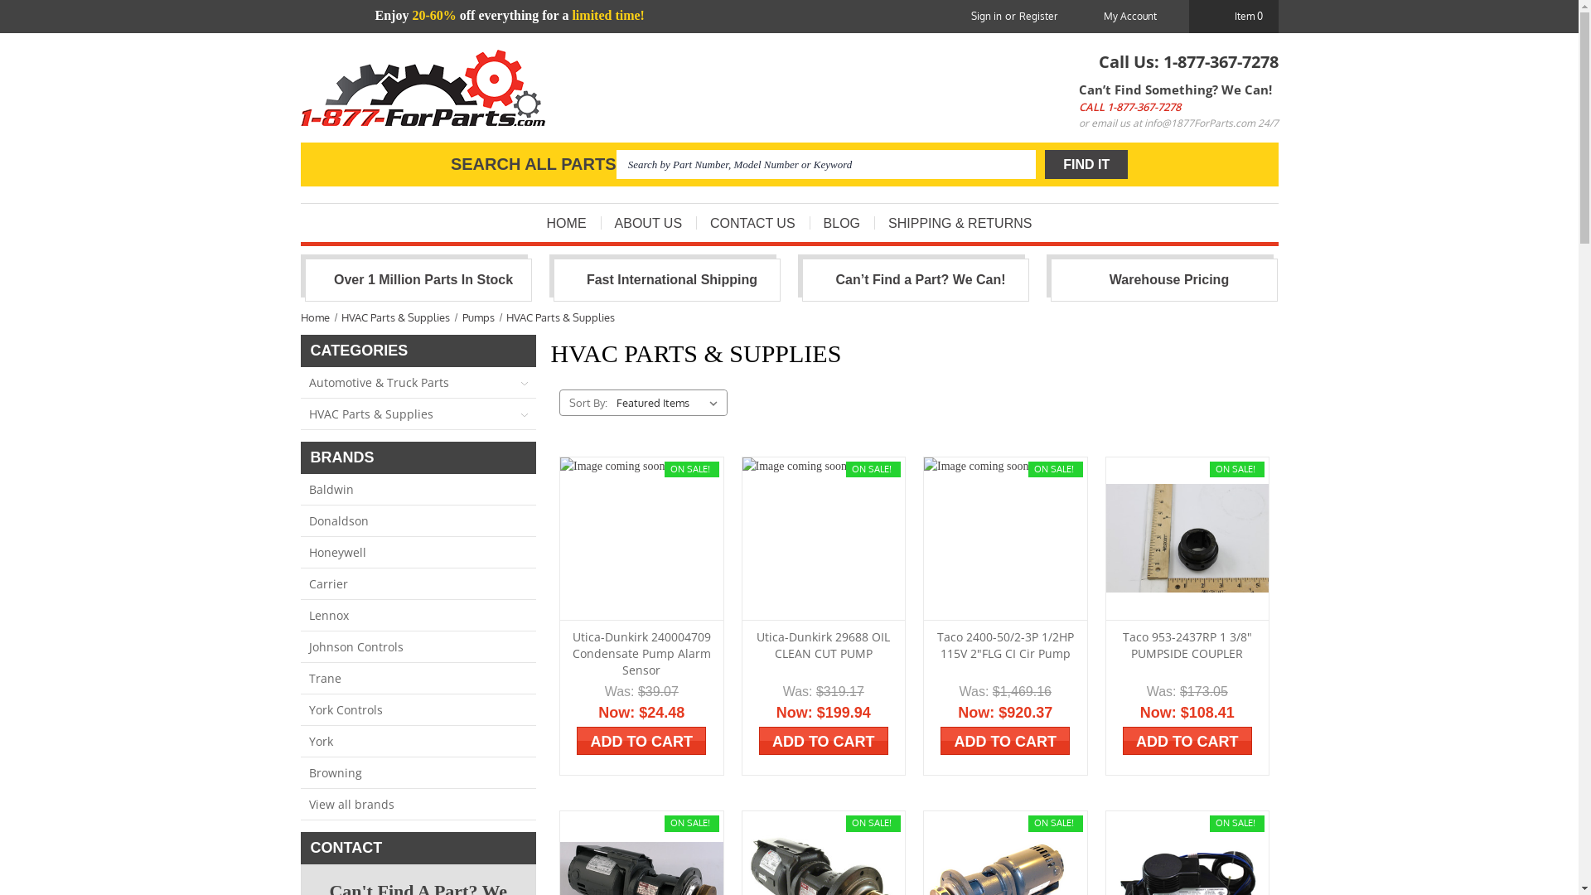  Describe the element at coordinates (696, 222) in the screenshot. I see `'CONTACT US'` at that location.